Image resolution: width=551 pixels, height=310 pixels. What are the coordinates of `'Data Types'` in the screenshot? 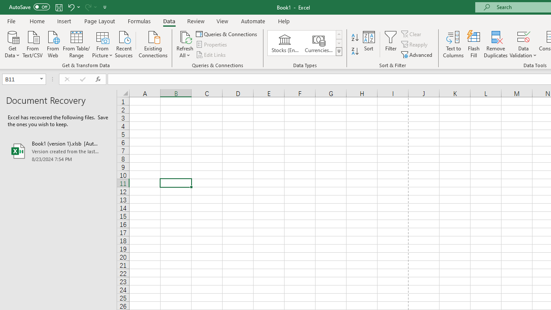 It's located at (338, 52).